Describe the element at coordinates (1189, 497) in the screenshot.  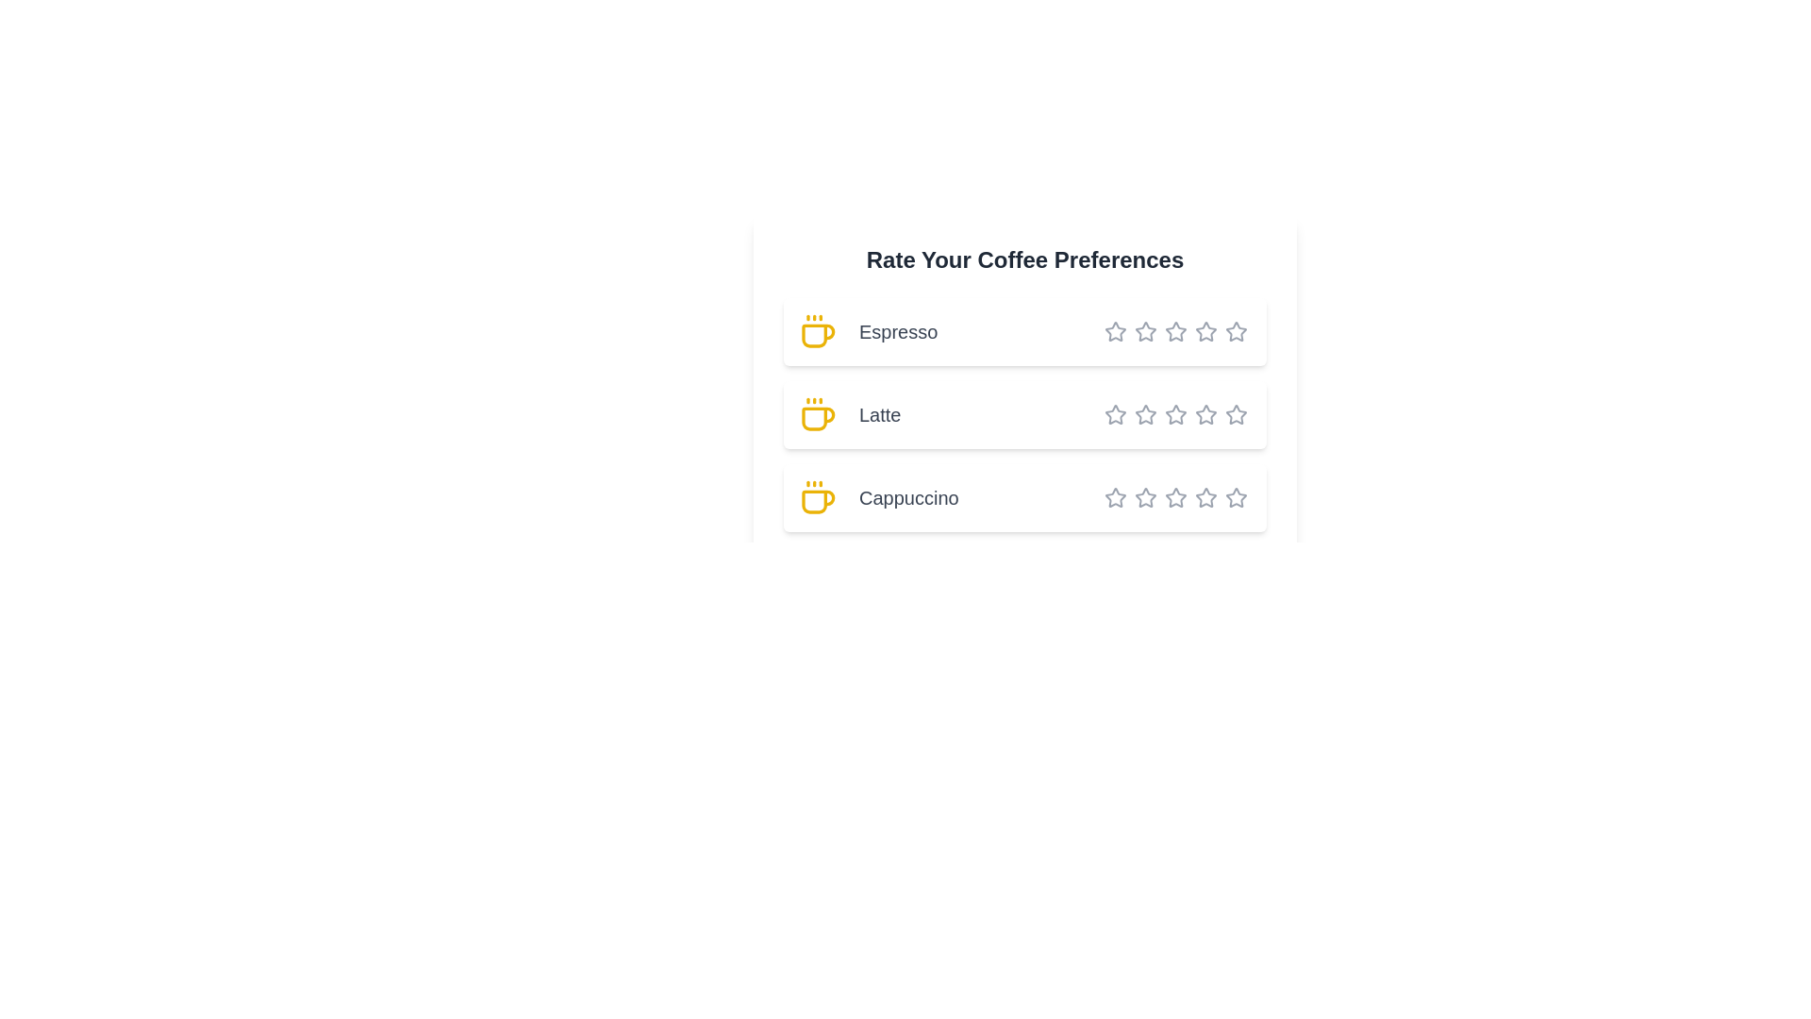
I see `the star corresponding to 5 stars for the coffee type Cappuccino` at that location.